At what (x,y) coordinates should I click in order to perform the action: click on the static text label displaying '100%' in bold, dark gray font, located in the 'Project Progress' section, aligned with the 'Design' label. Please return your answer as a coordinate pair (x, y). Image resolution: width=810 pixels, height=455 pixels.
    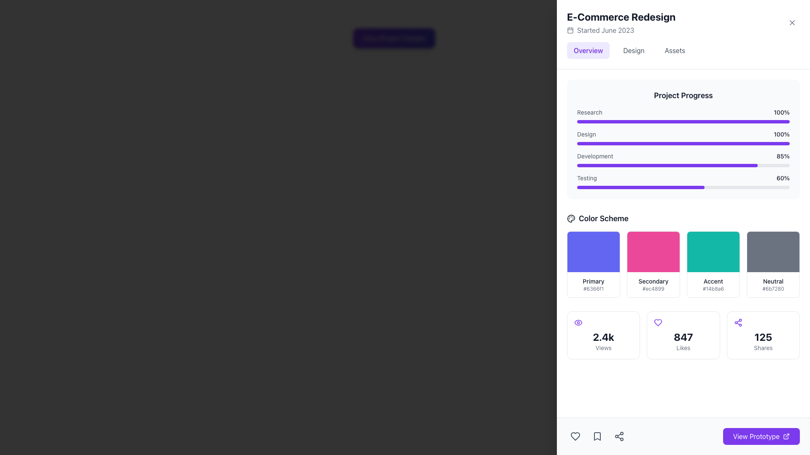
    Looking at the image, I should click on (781, 134).